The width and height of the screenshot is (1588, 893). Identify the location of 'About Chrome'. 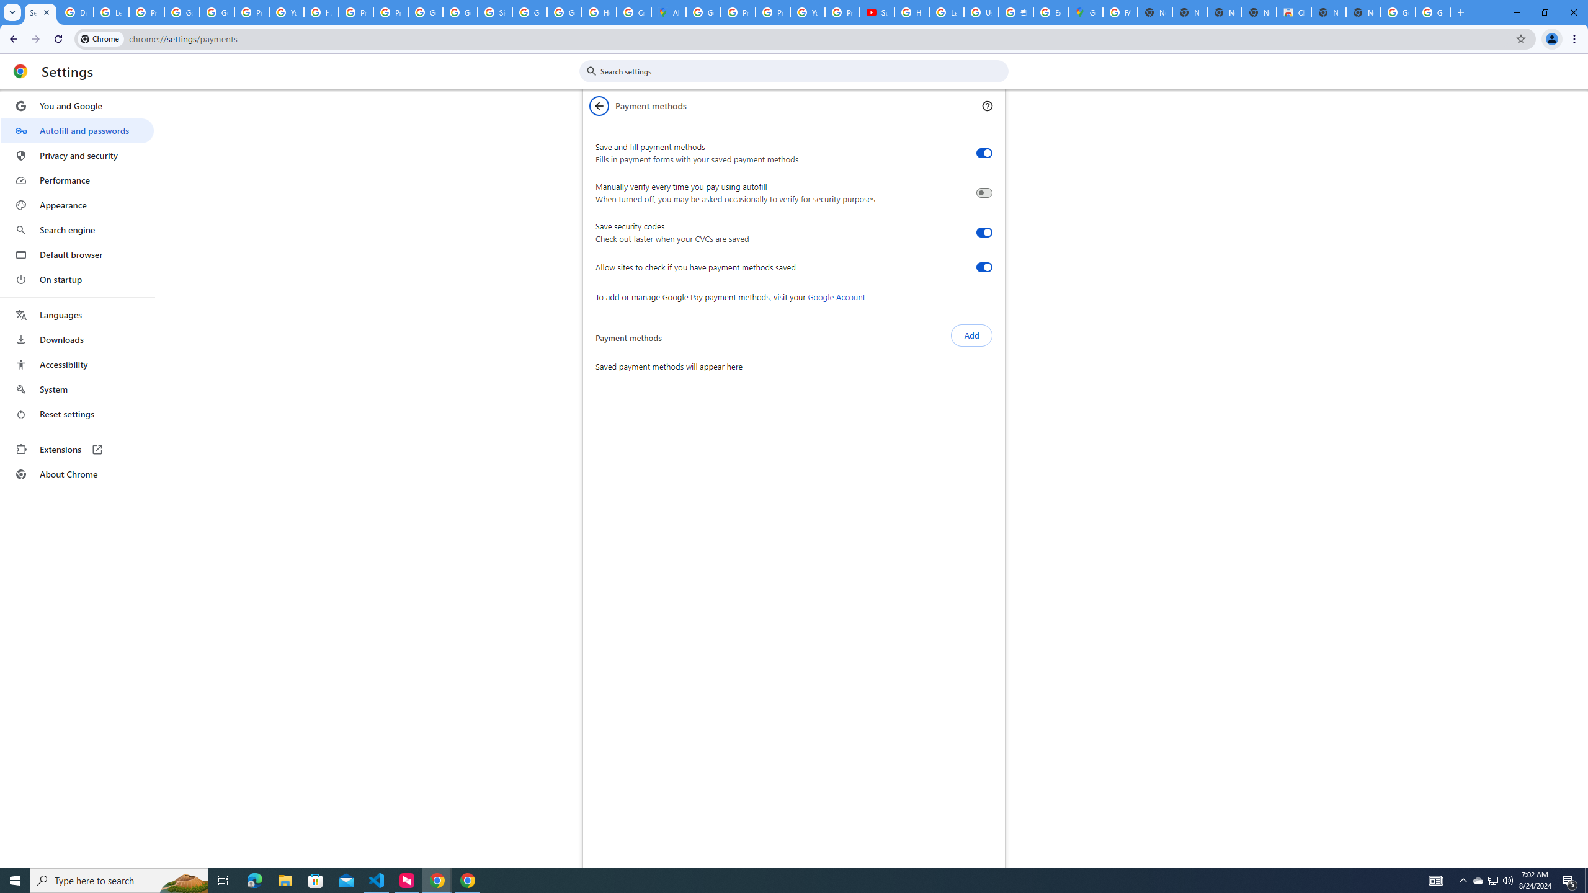
(76, 473).